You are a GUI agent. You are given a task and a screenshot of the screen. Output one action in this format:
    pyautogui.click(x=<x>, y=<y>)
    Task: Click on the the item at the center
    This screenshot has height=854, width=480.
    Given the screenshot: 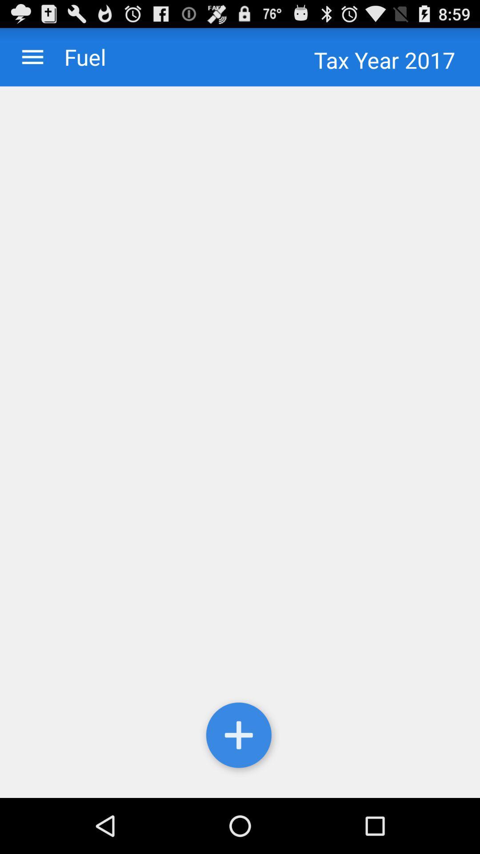 What is the action you would take?
    pyautogui.click(x=240, y=442)
    